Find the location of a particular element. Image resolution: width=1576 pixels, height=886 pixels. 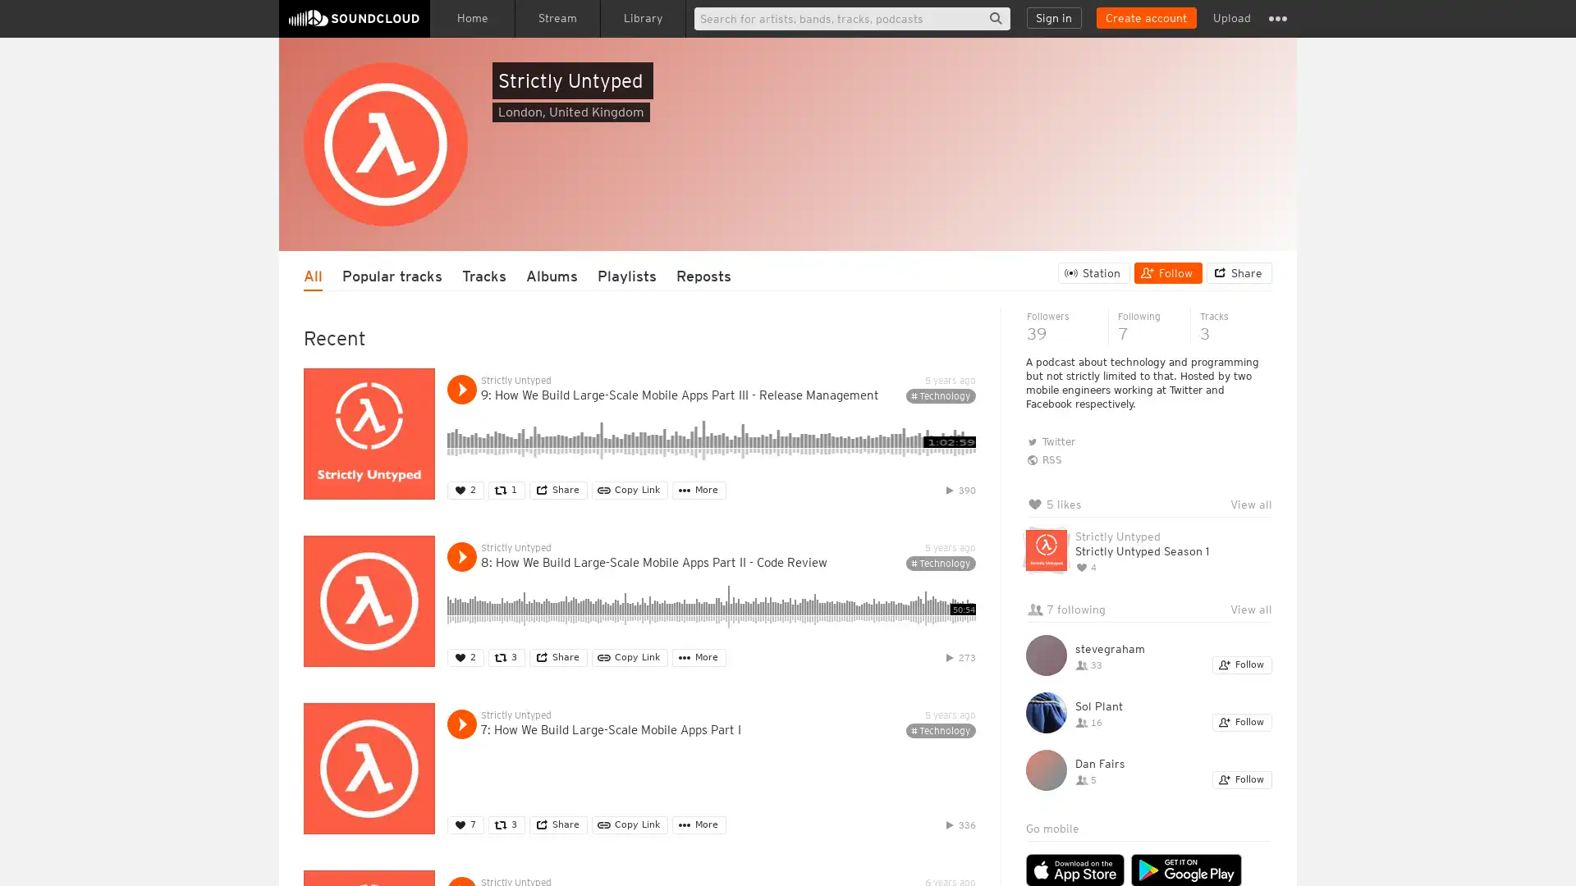

Copy Link is located at coordinates (629, 656).